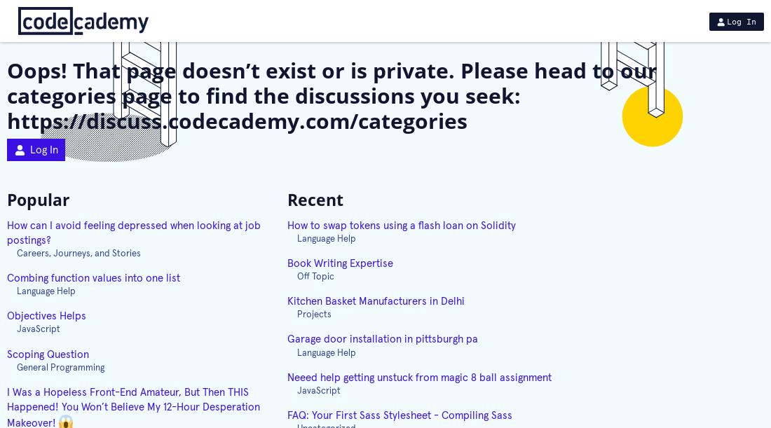 This screenshot has width=771, height=428. Describe the element at coordinates (376, 301) in the screenshot. I see `'Kitchen Basket Manufacturers in Delhi'` at that location.